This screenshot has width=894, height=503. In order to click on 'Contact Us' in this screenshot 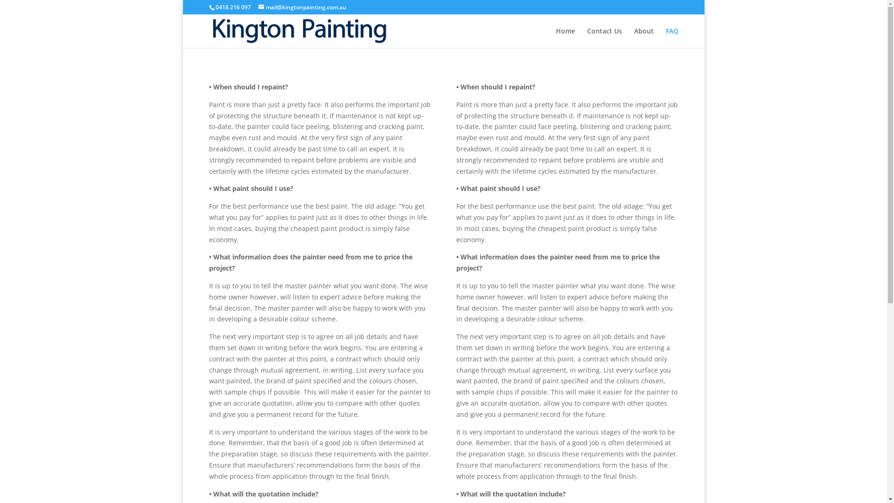, I will do `click(604, 37)`.